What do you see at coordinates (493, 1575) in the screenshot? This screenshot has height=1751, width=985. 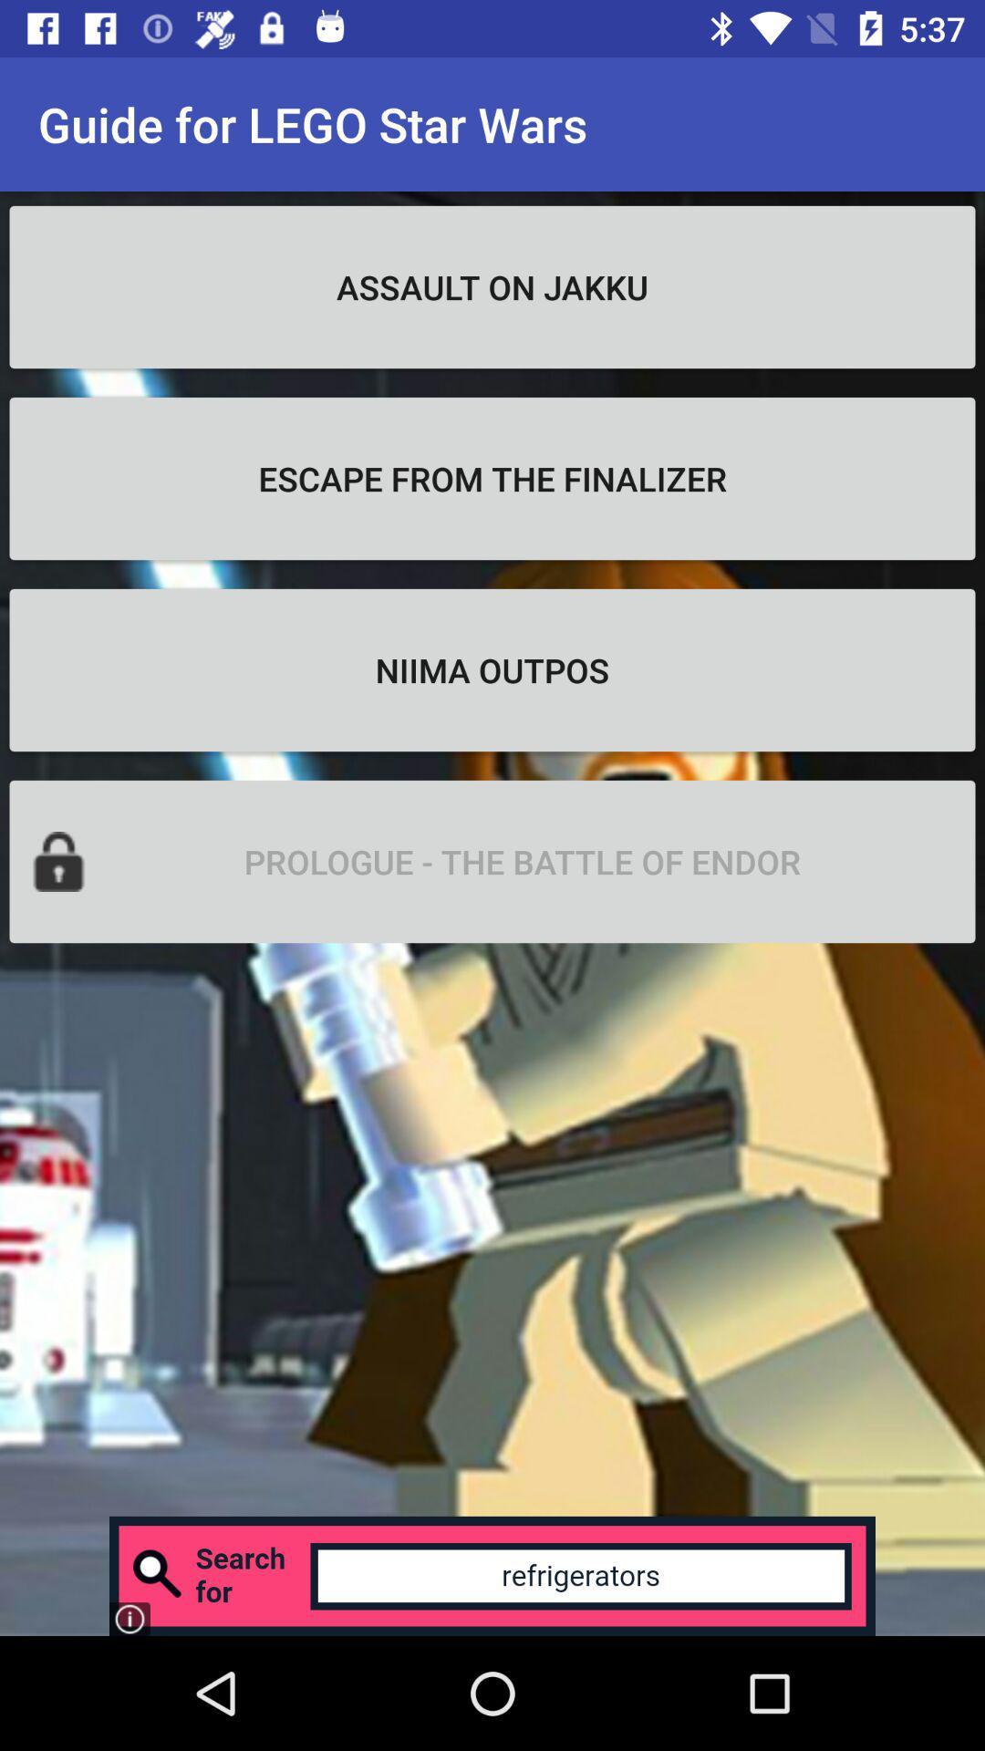 I see `open advertisement` at bounding box center [493, 1575].